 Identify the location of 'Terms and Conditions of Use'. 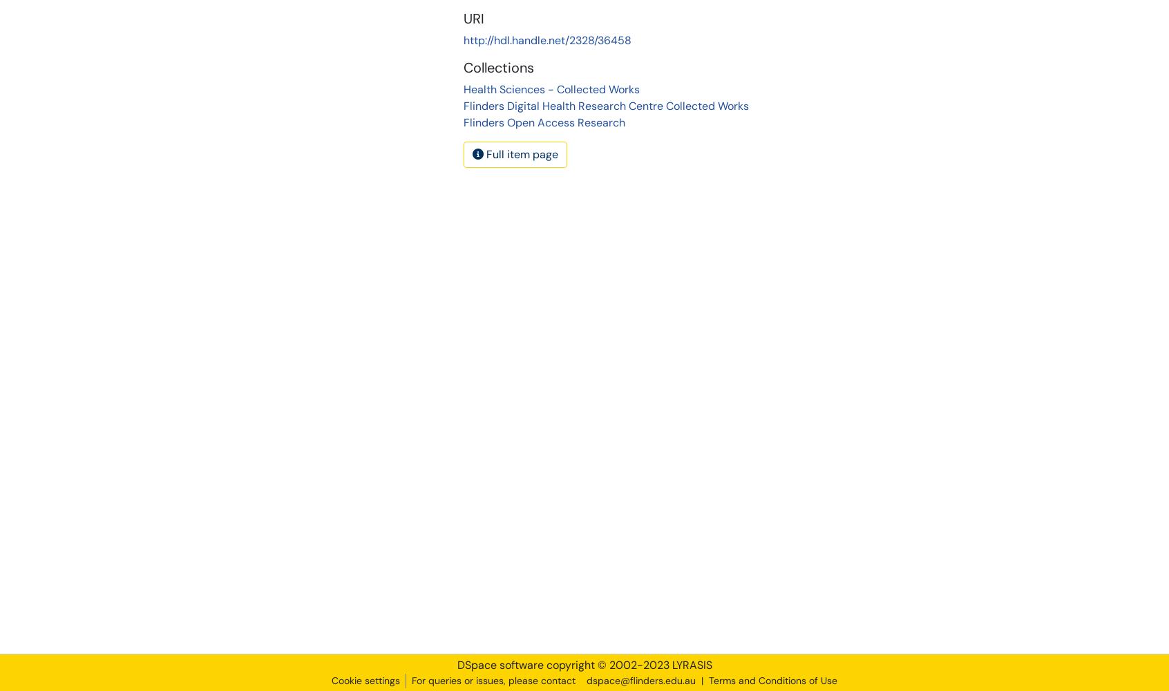
(772, 680).